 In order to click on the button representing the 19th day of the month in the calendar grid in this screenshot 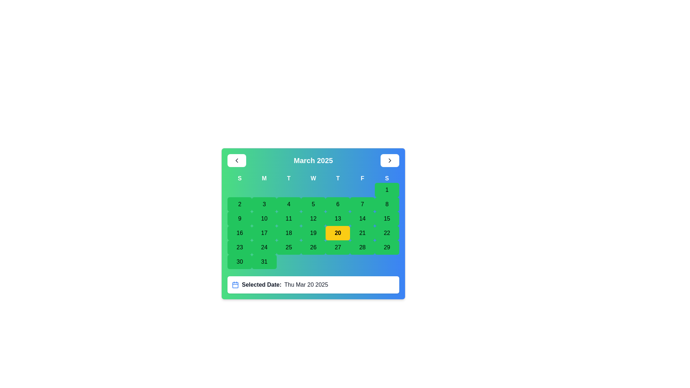, I will do `click(313, 233)`.